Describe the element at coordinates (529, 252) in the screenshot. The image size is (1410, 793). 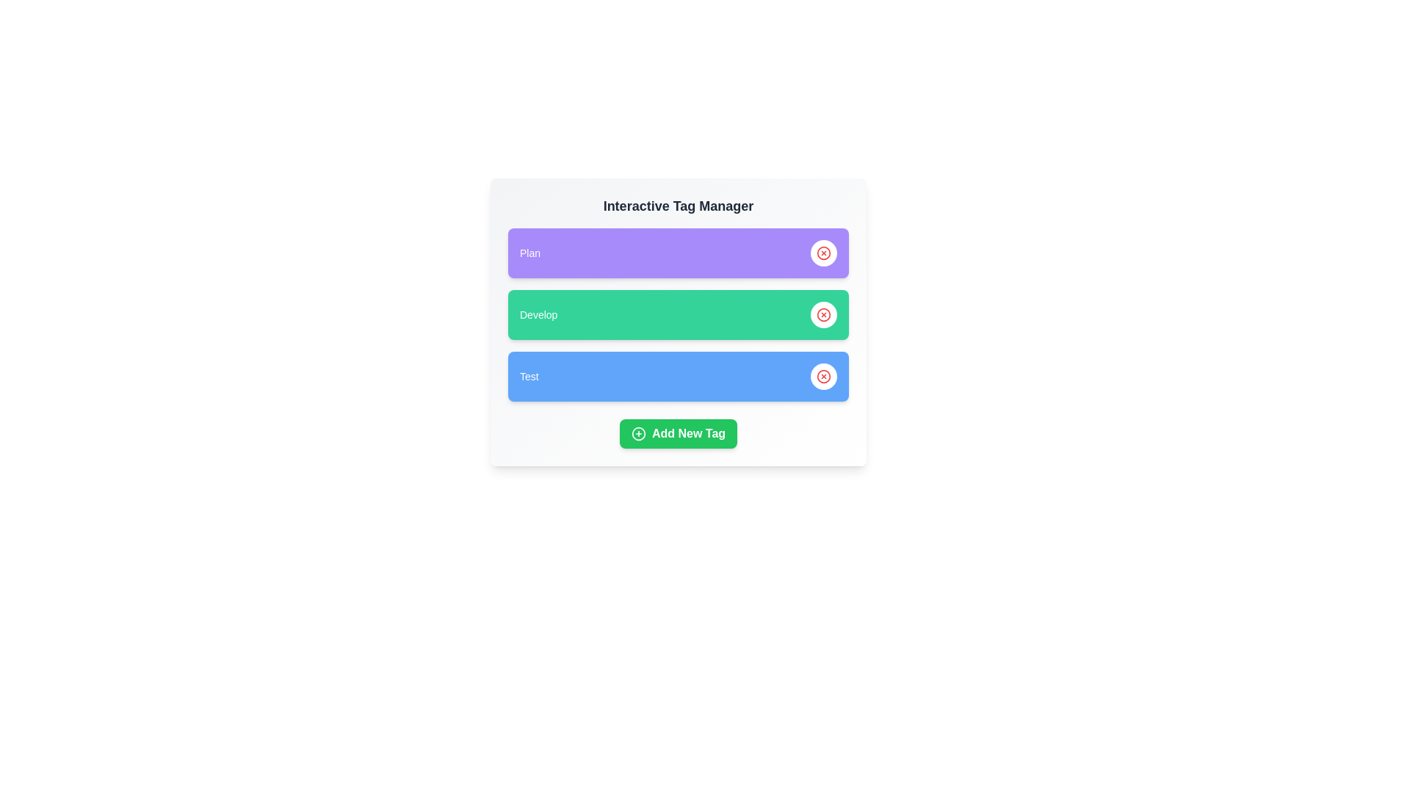
I see `the text of the tag Plan for copying or editing` at that location.